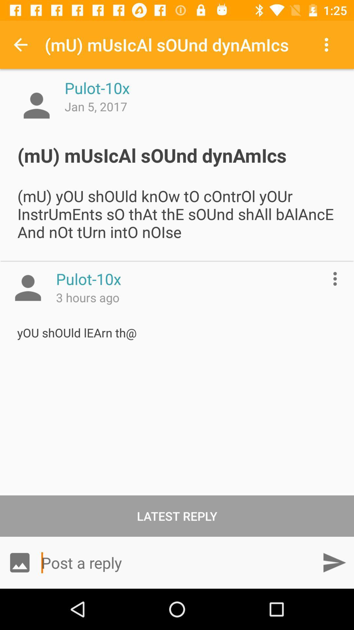 The image size is (354, 630). I want to click on item next to mu musical sound icon, so click(328, 44).